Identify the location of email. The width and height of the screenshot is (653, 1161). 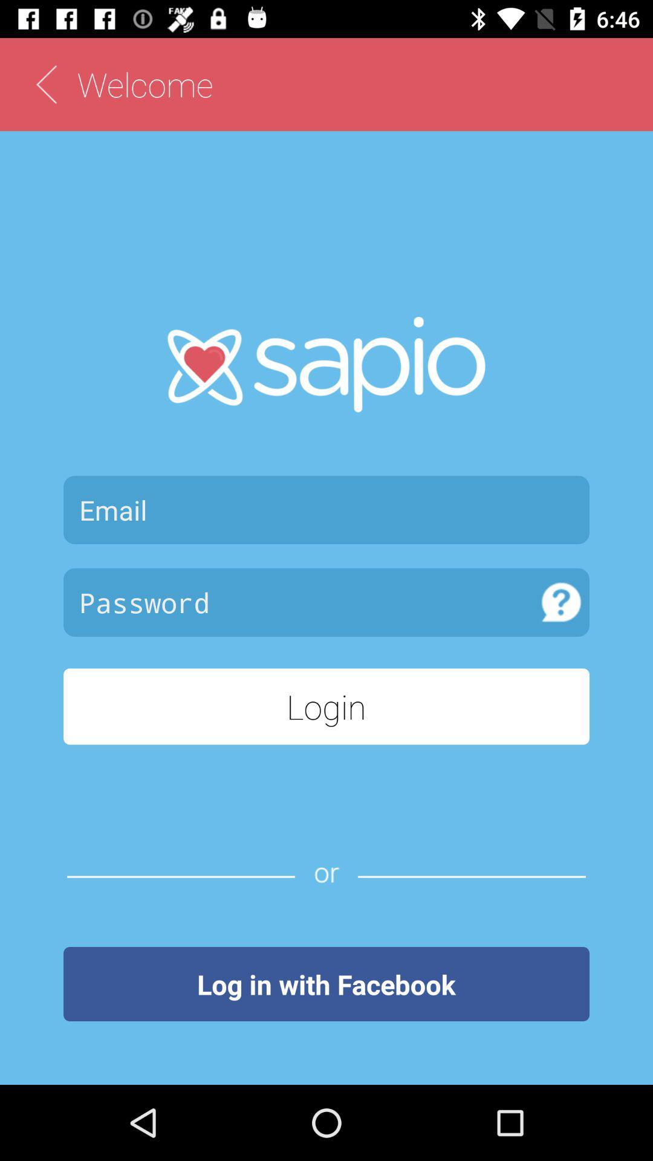
(326, 510).